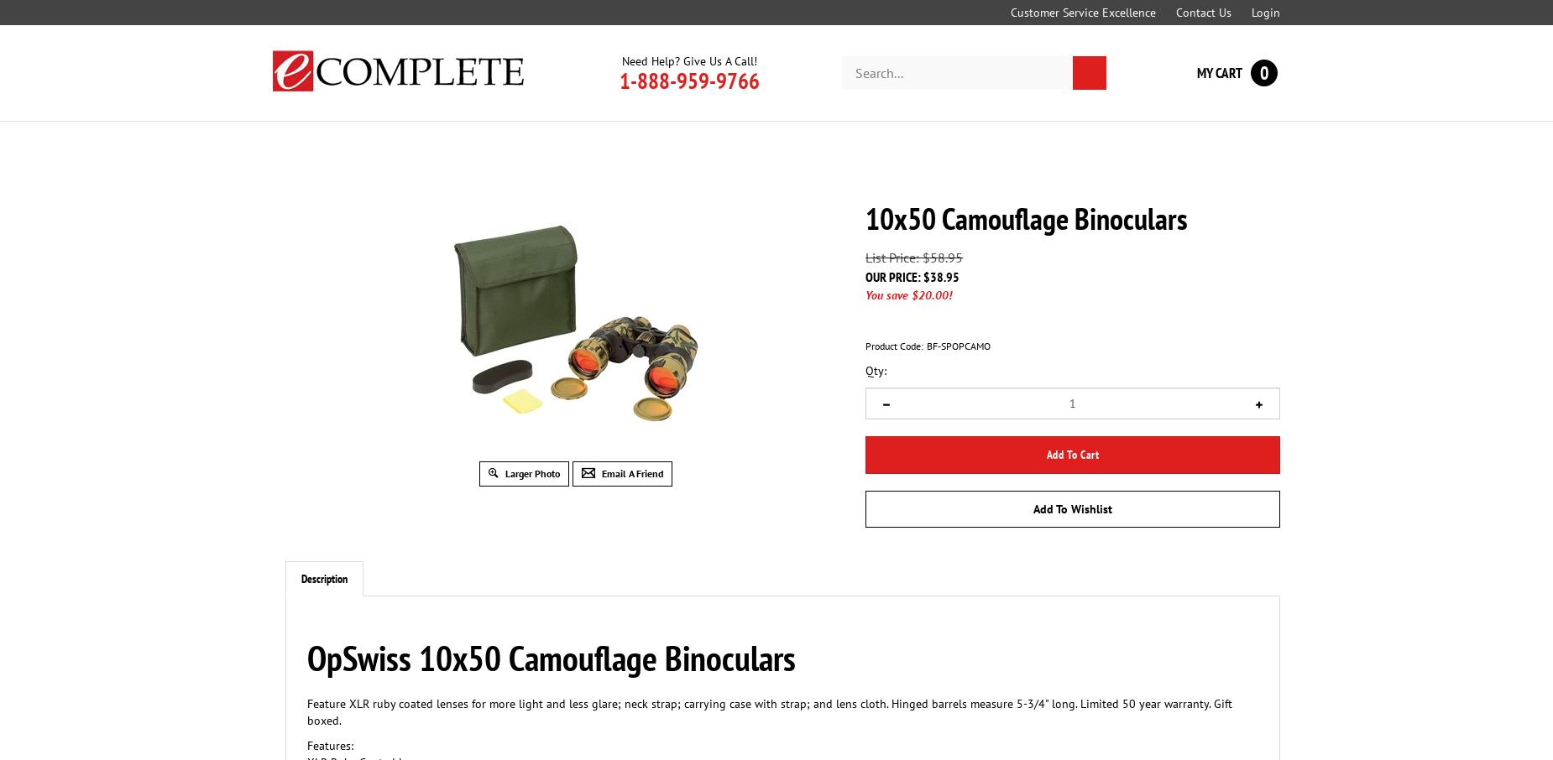 The image size is (1553, 760). Describe the element at coordinates (865, 218) in the screenshot. I see `'10x50 Camouflage Binoculars'` at that location.